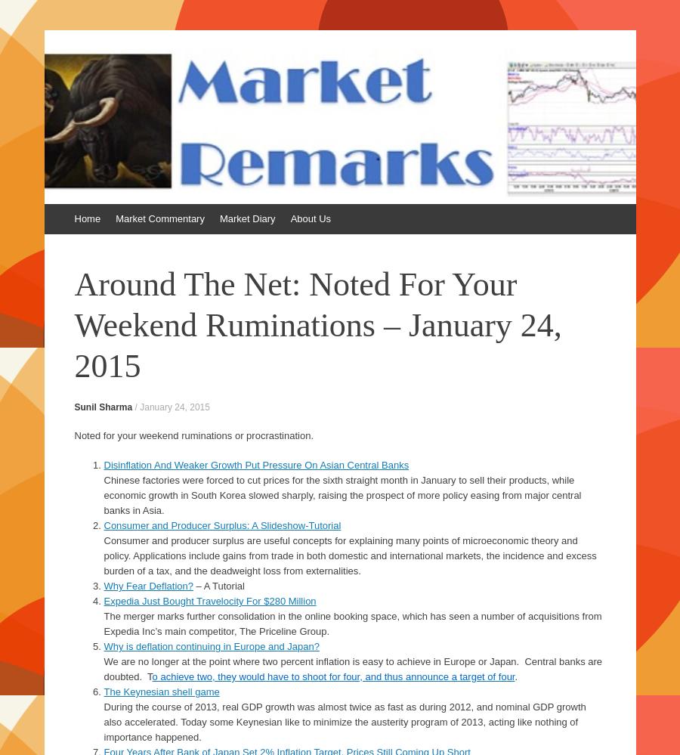  Describe the element at coordinates (174, 406) in the screenshot. I see `'January 24, 2015'` at that location.